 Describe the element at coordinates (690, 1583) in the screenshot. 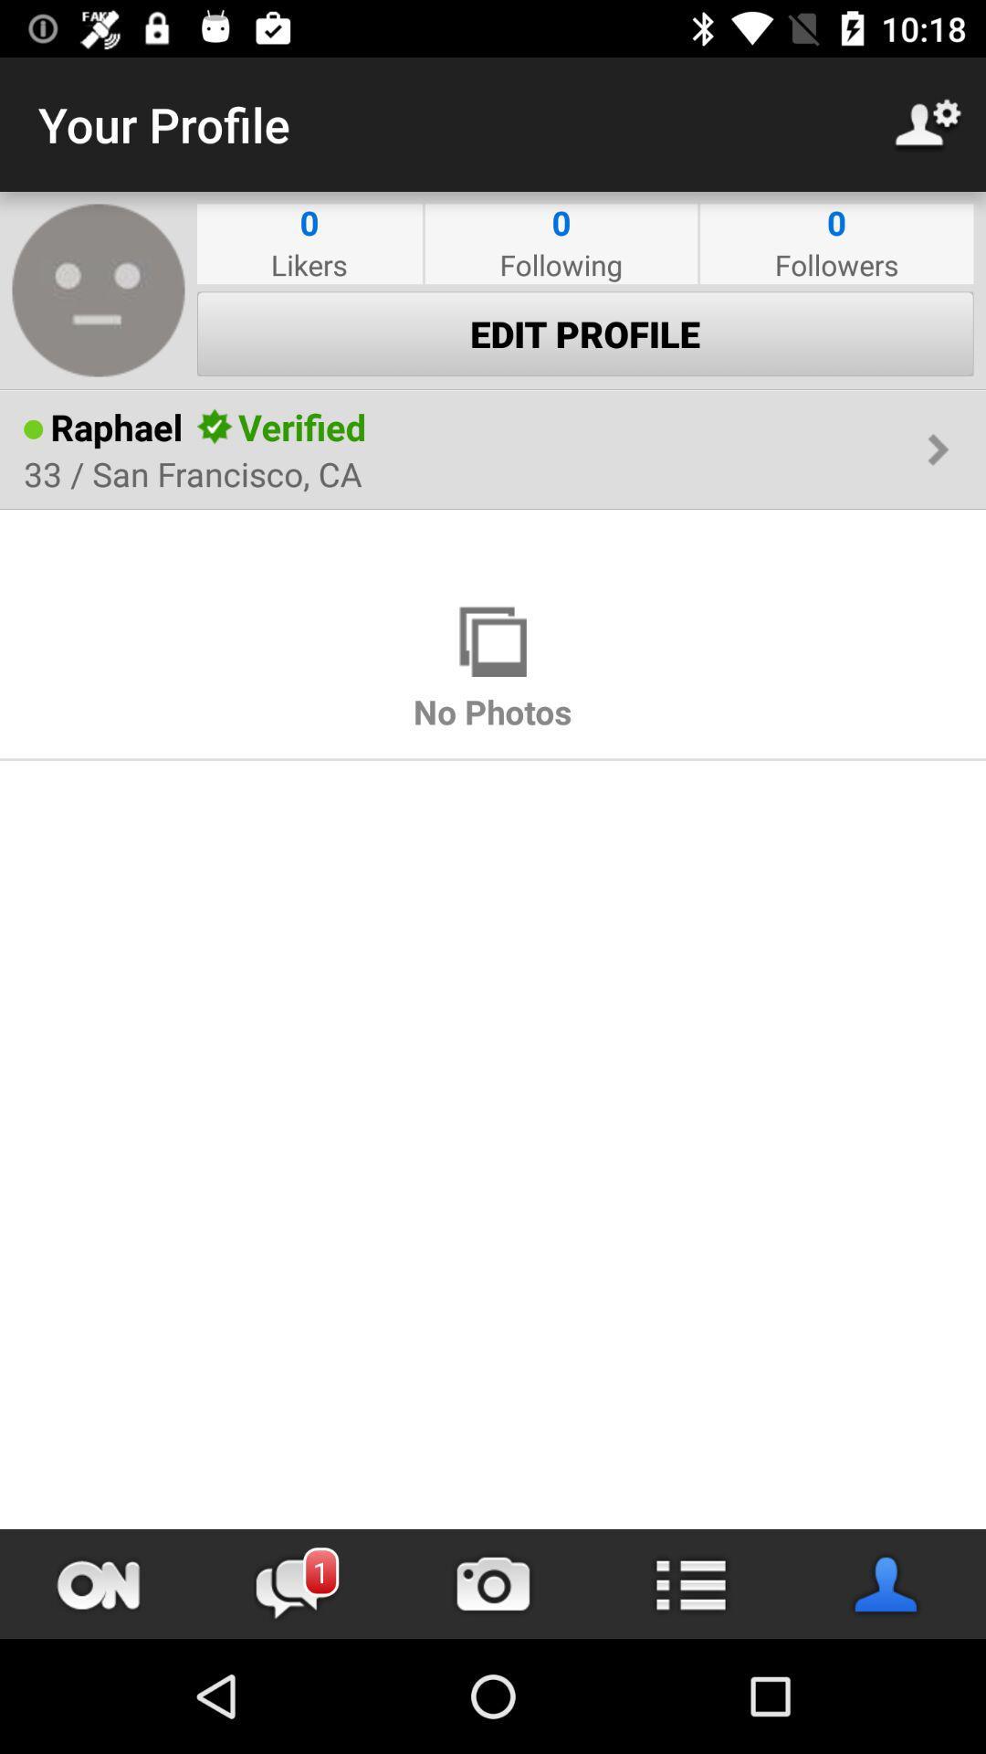

I see `the list icon` at that location.